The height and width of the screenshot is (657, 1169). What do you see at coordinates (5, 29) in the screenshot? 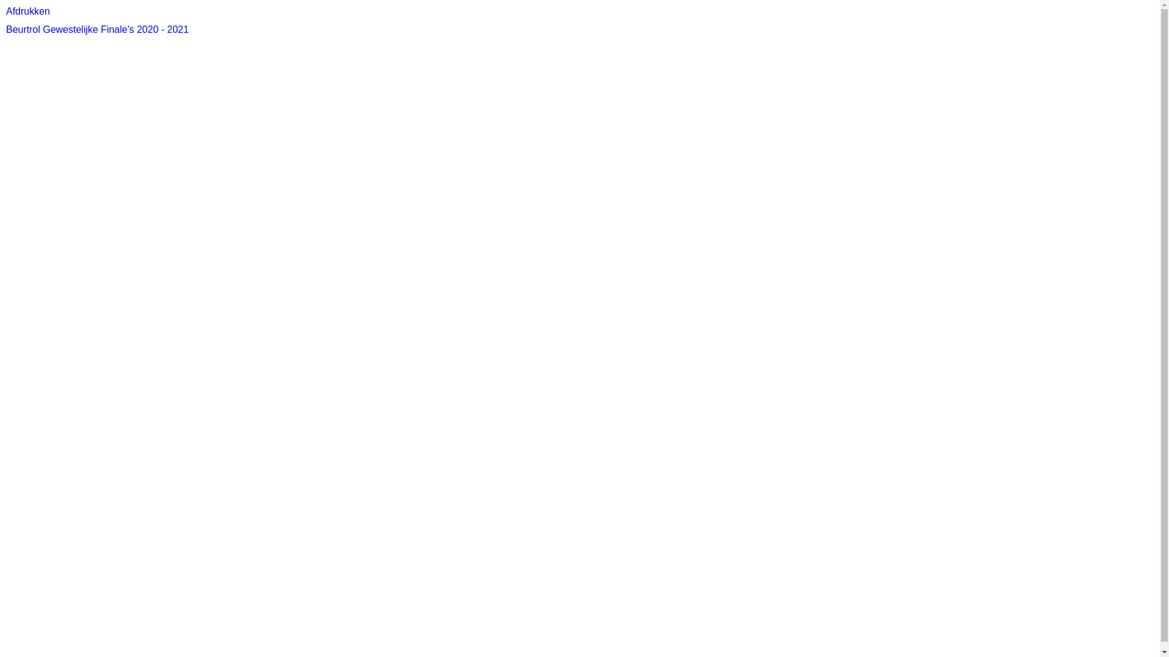
I see `'Beurtrol Gewestelijke Finale's 2020 - 2021'` at bounding box center [5, 29].